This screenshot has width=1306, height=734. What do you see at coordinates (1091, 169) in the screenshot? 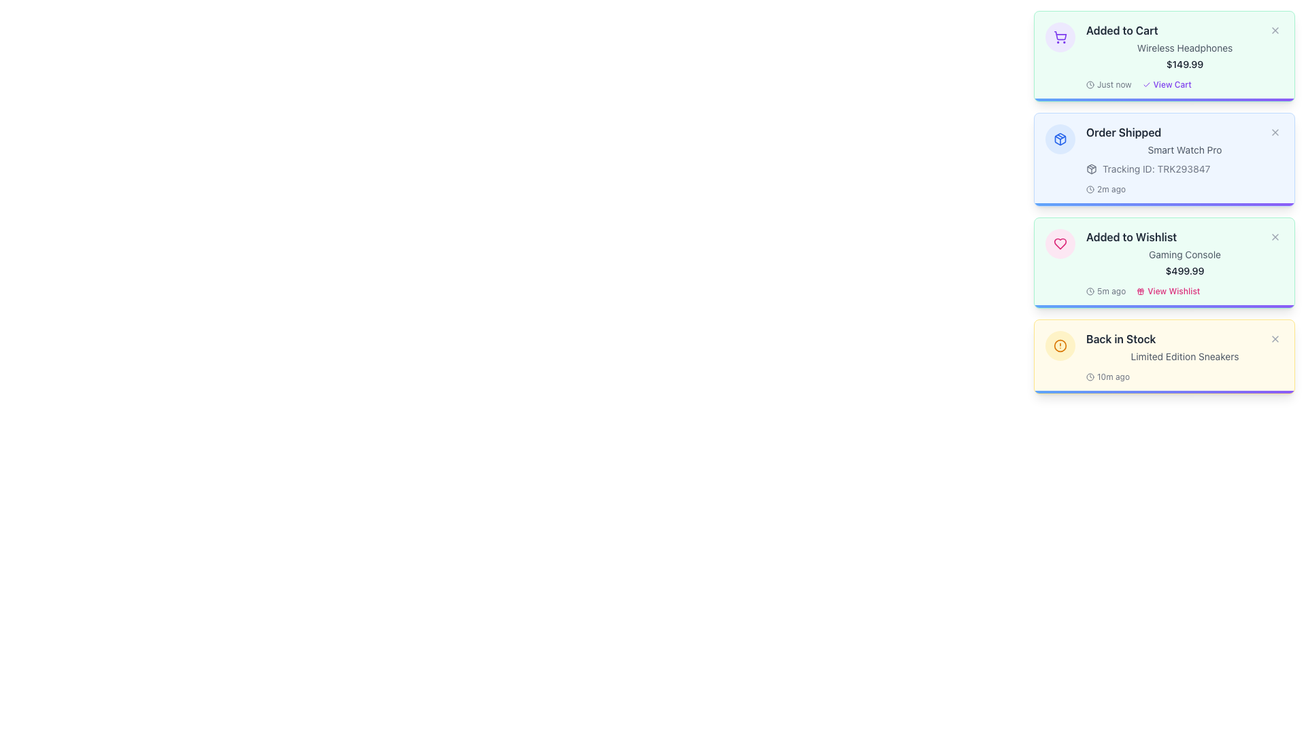
I see `the appearance of the small package icon located to the left of the text 'Tracking ID: TRK293847' in the 'Order Shipped' notification box` at bounding box center [1091, 169].